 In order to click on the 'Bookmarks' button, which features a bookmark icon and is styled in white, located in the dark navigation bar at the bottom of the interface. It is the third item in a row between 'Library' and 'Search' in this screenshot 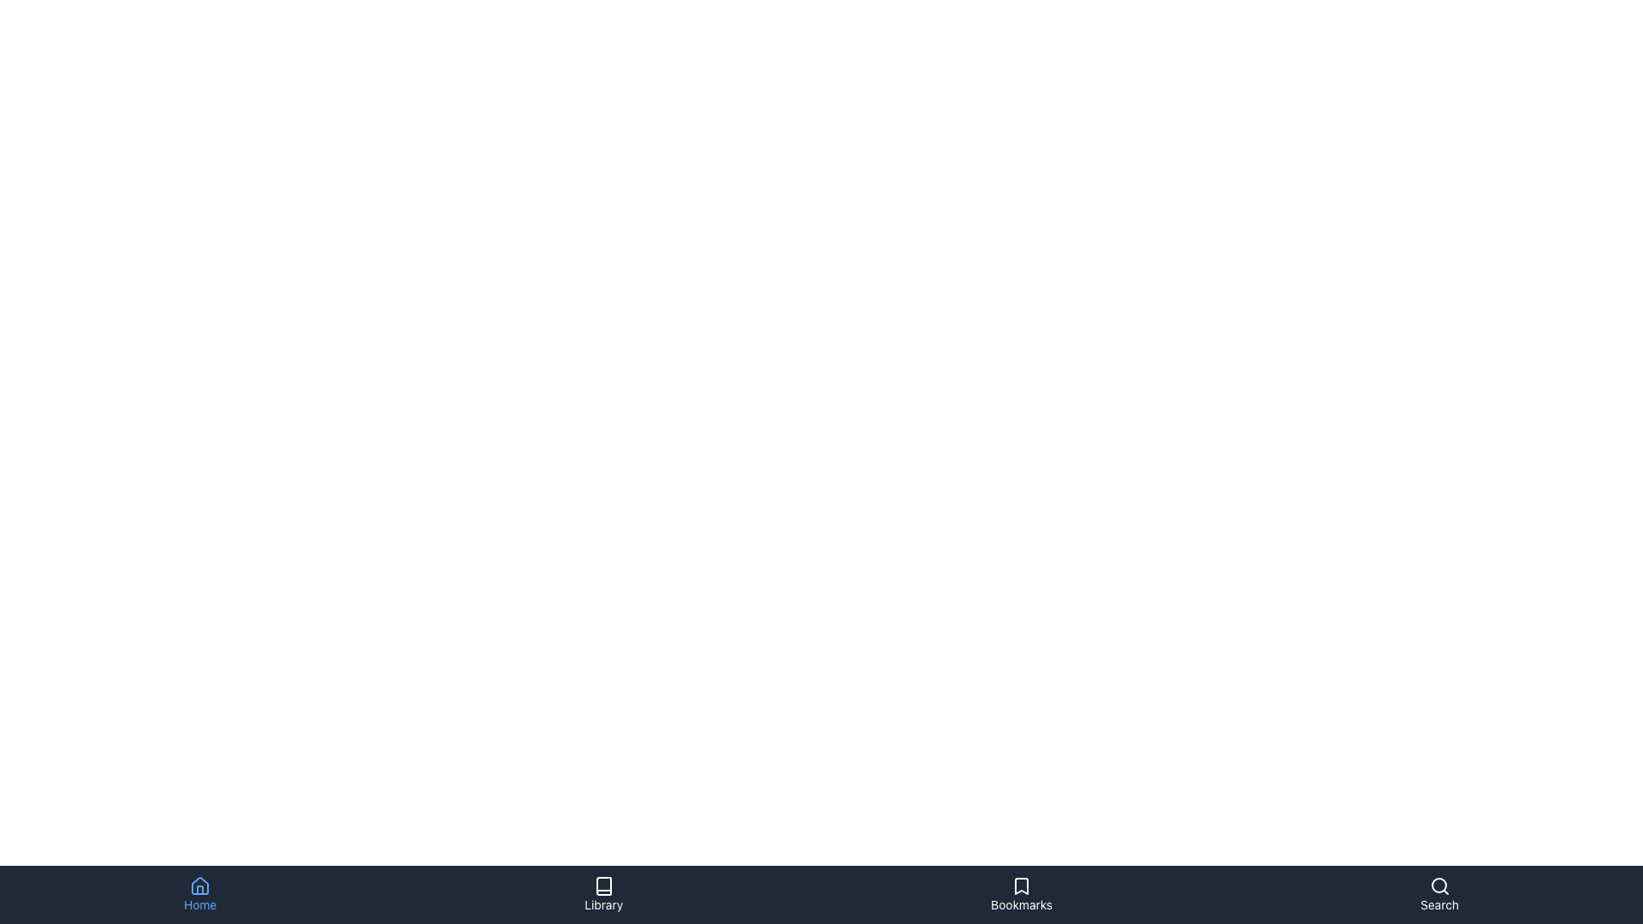, I will do `click(1022, 893)`.